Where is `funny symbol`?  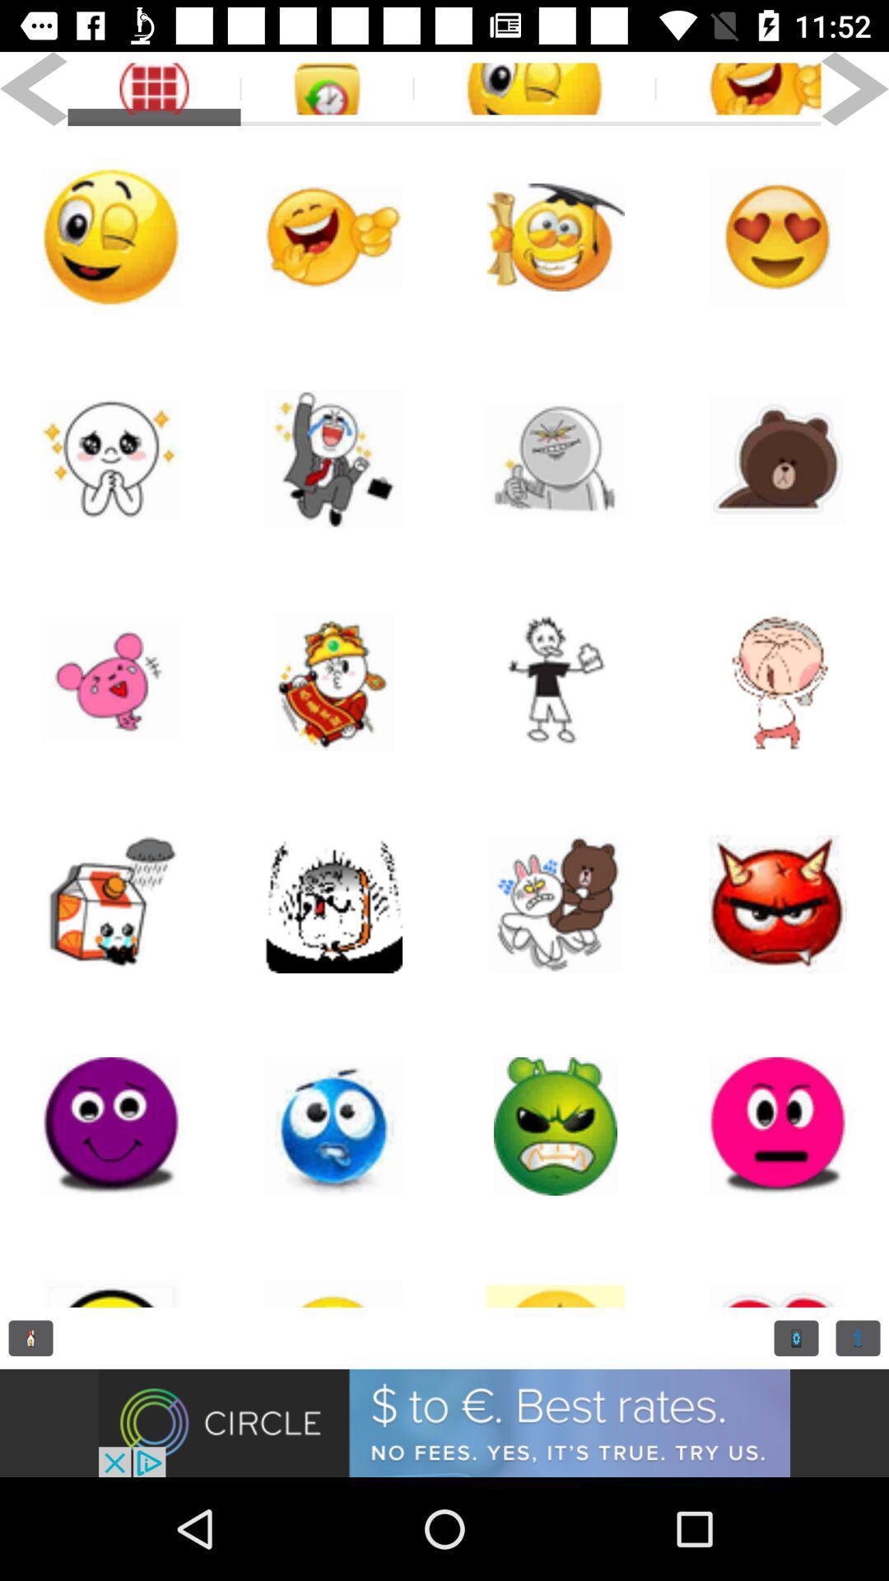 funny symbol is located at coordinates (111, 682).